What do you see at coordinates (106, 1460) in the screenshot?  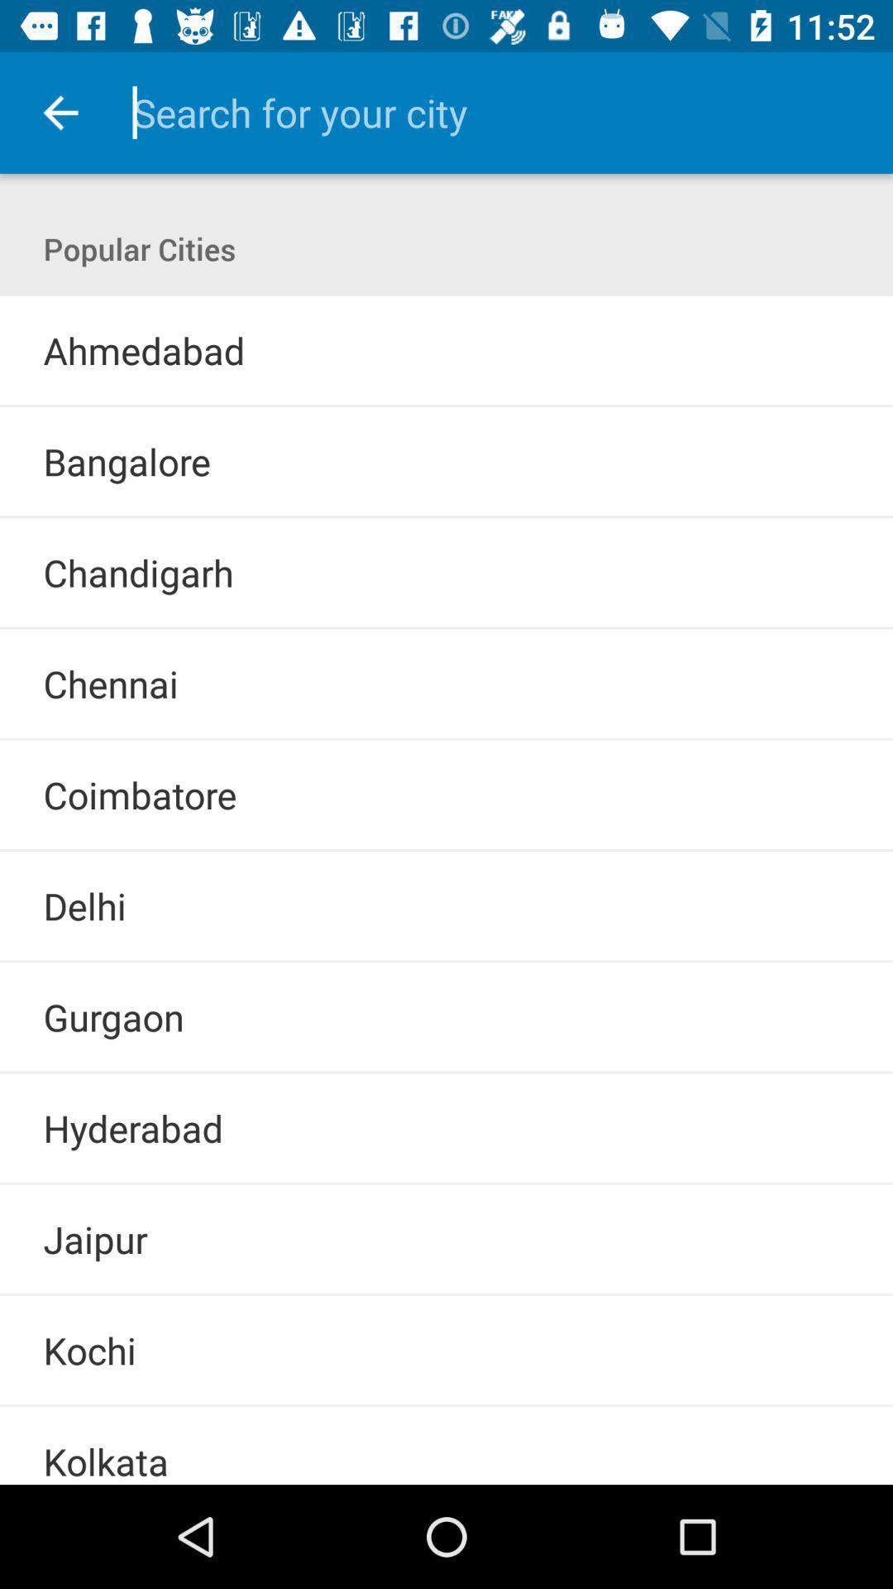 I see `the kolkata icon` at bounding box center [106, 1460].